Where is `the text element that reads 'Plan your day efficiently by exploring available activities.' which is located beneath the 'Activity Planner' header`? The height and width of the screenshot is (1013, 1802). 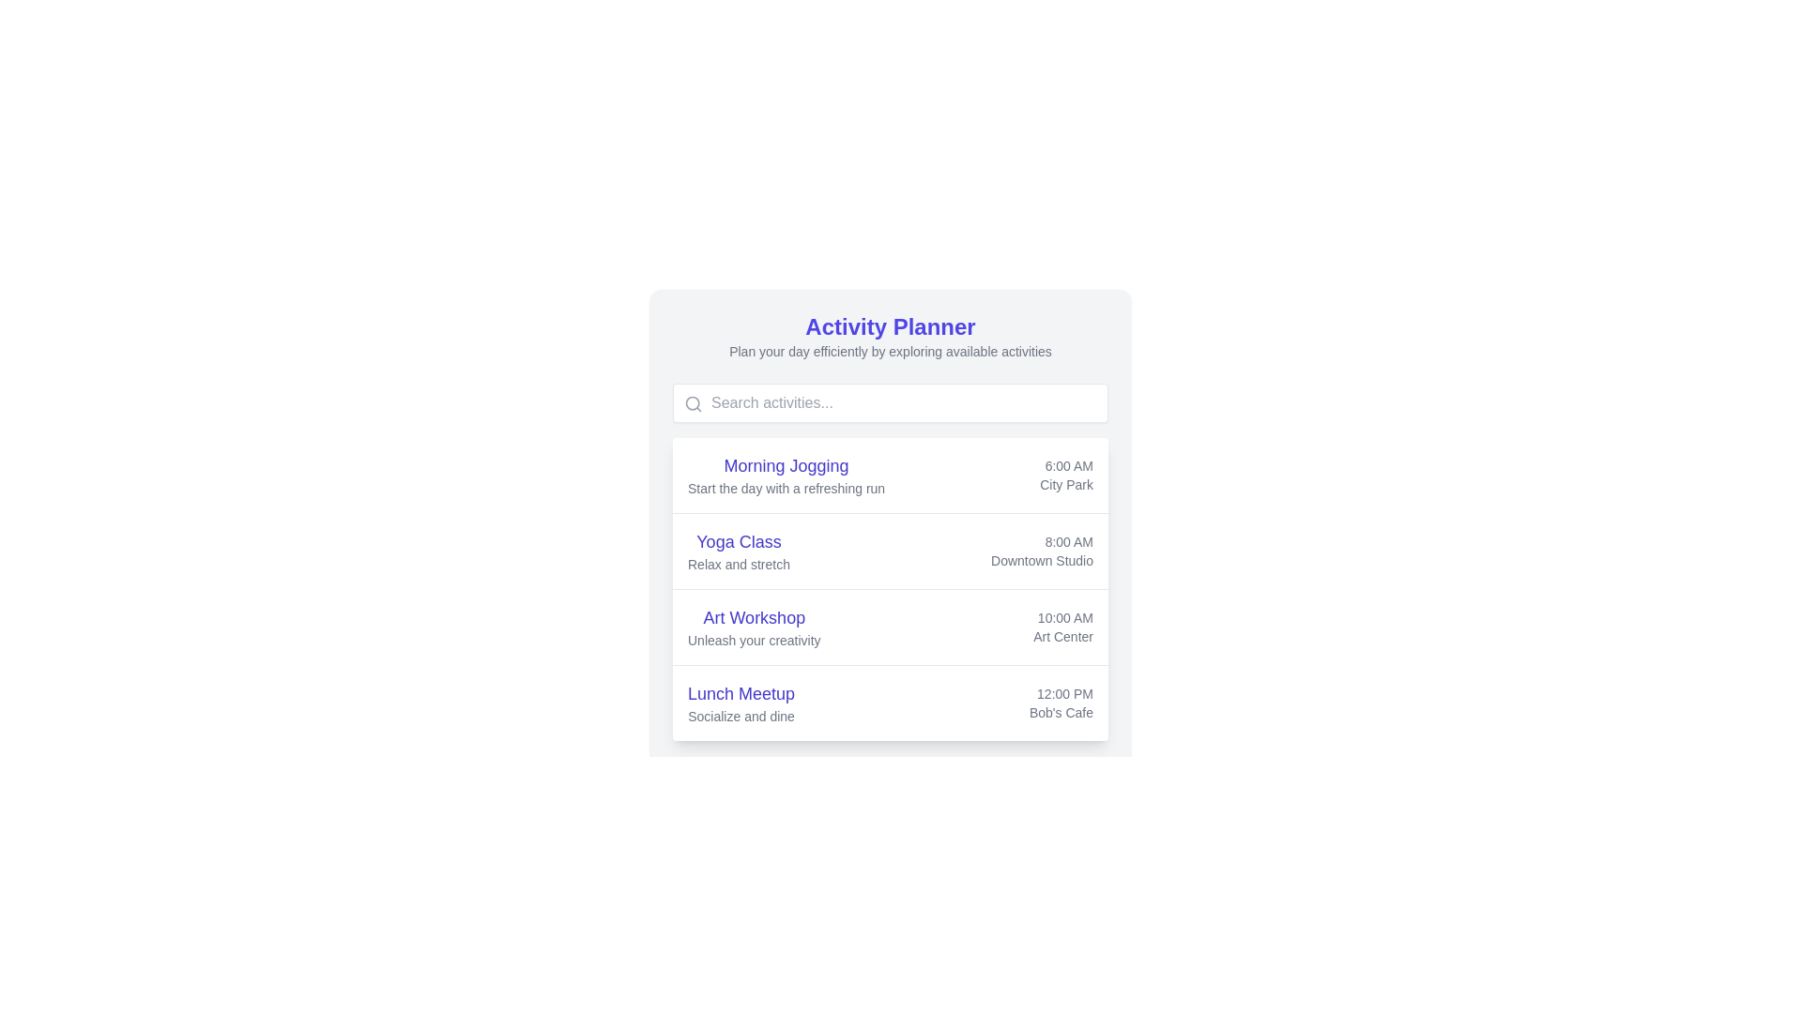 the text element that reads 'Plan your day efficiently by exploring available activities.' which is located beneath the 'Activity Planner' header is located at coordinates (890, 351).